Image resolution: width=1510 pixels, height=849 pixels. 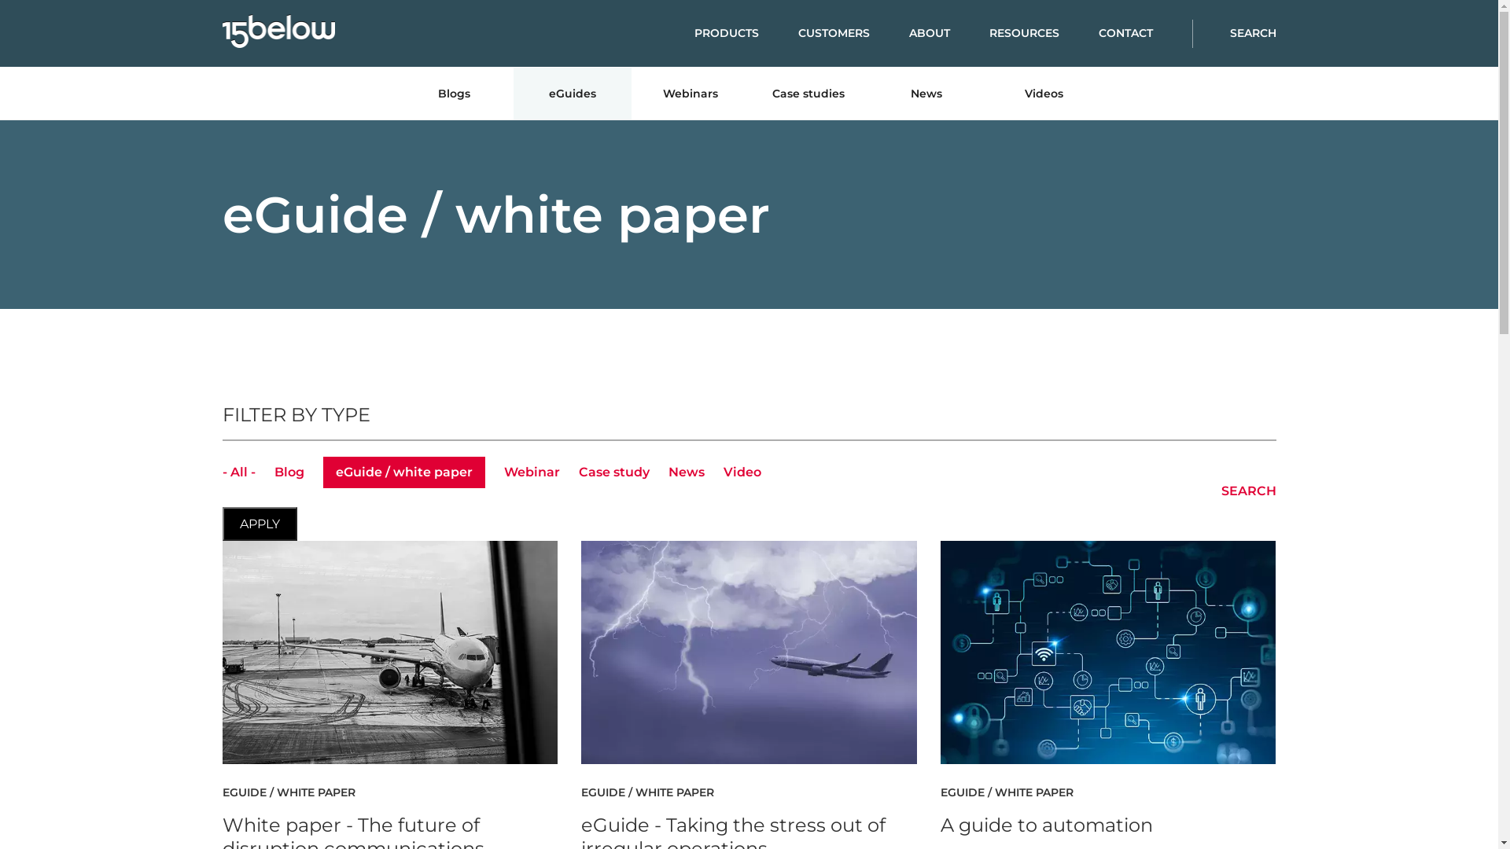 I want to click on 'Blog', so click(x=273, y=471).